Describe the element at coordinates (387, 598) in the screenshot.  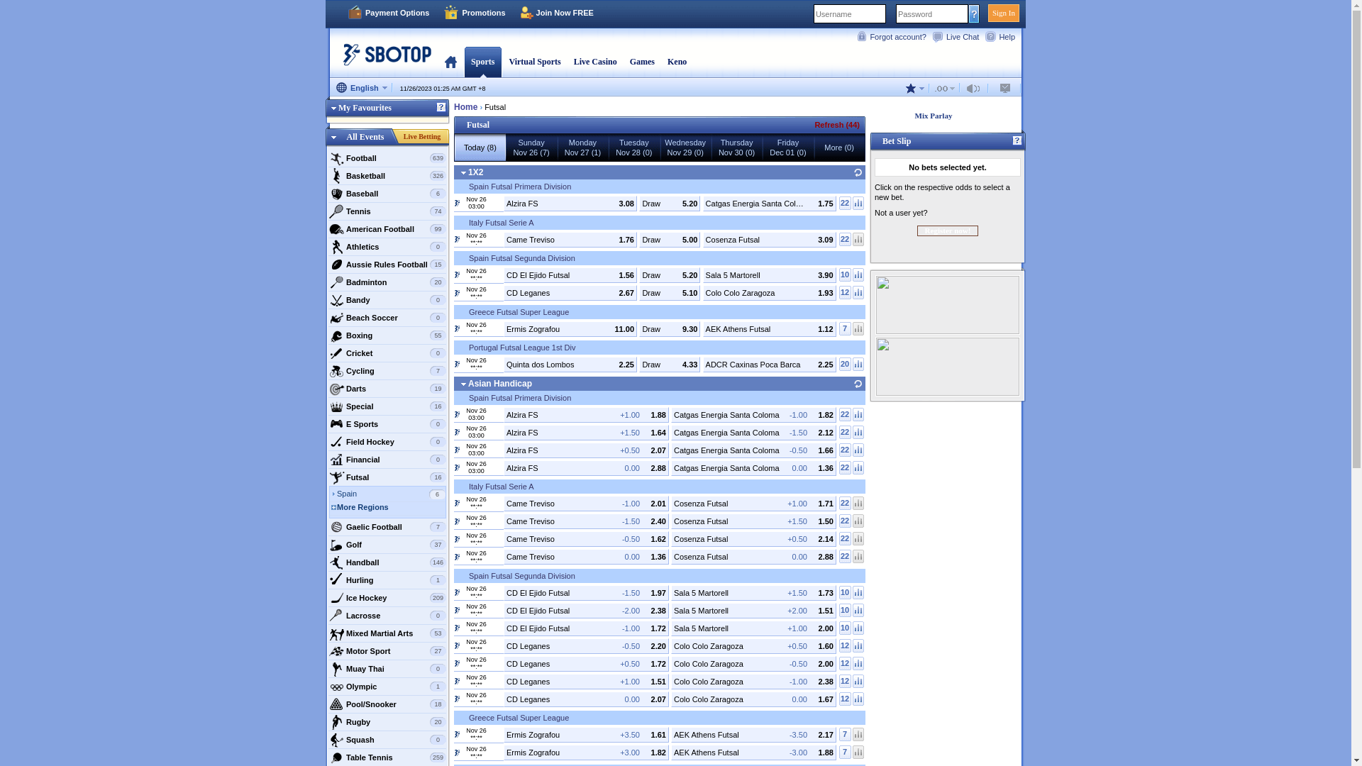
I see `'Ice Hockey` at that location.